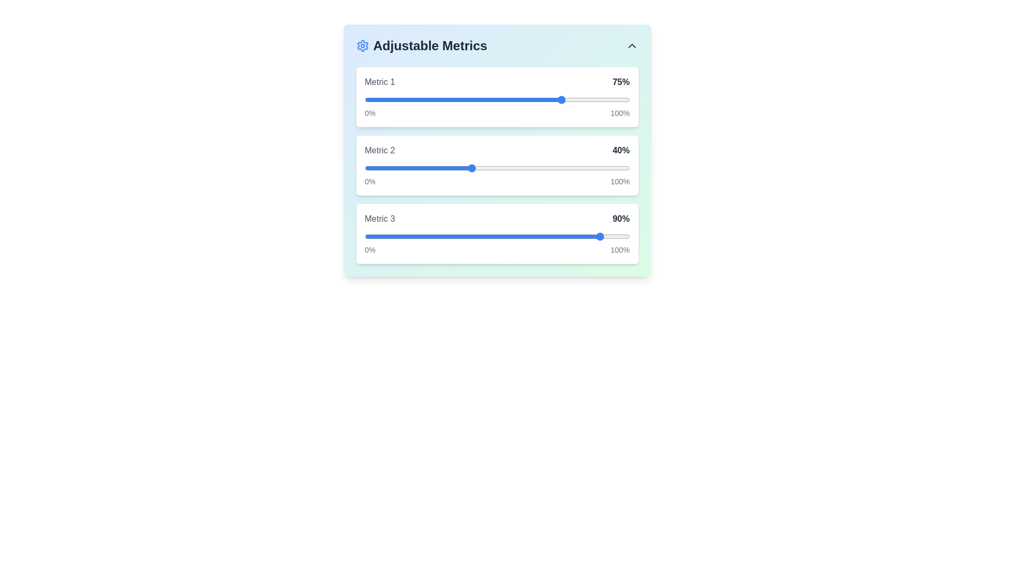  Describe the element at coordinates (425, 168) in the screenshot. I see `Metric 2 value` at that location.